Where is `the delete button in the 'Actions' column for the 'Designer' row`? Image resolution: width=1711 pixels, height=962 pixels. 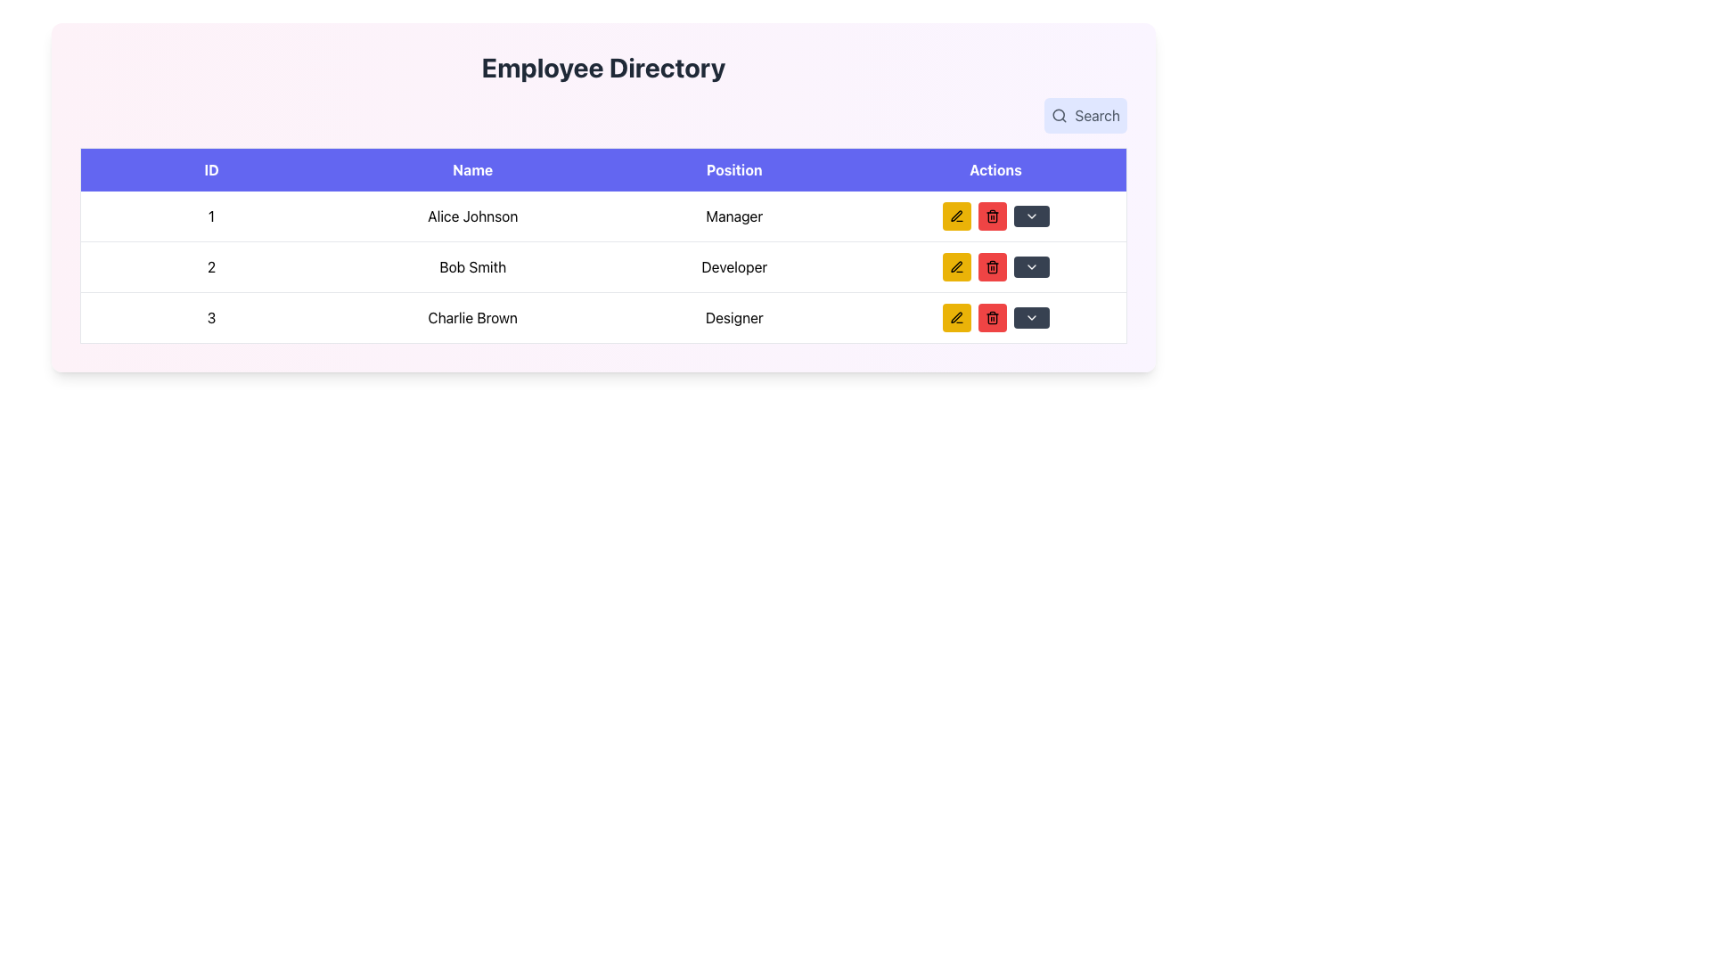 the delete button in the 'Actions' column for the 'Designer' row is located at coordinates (991, 317).